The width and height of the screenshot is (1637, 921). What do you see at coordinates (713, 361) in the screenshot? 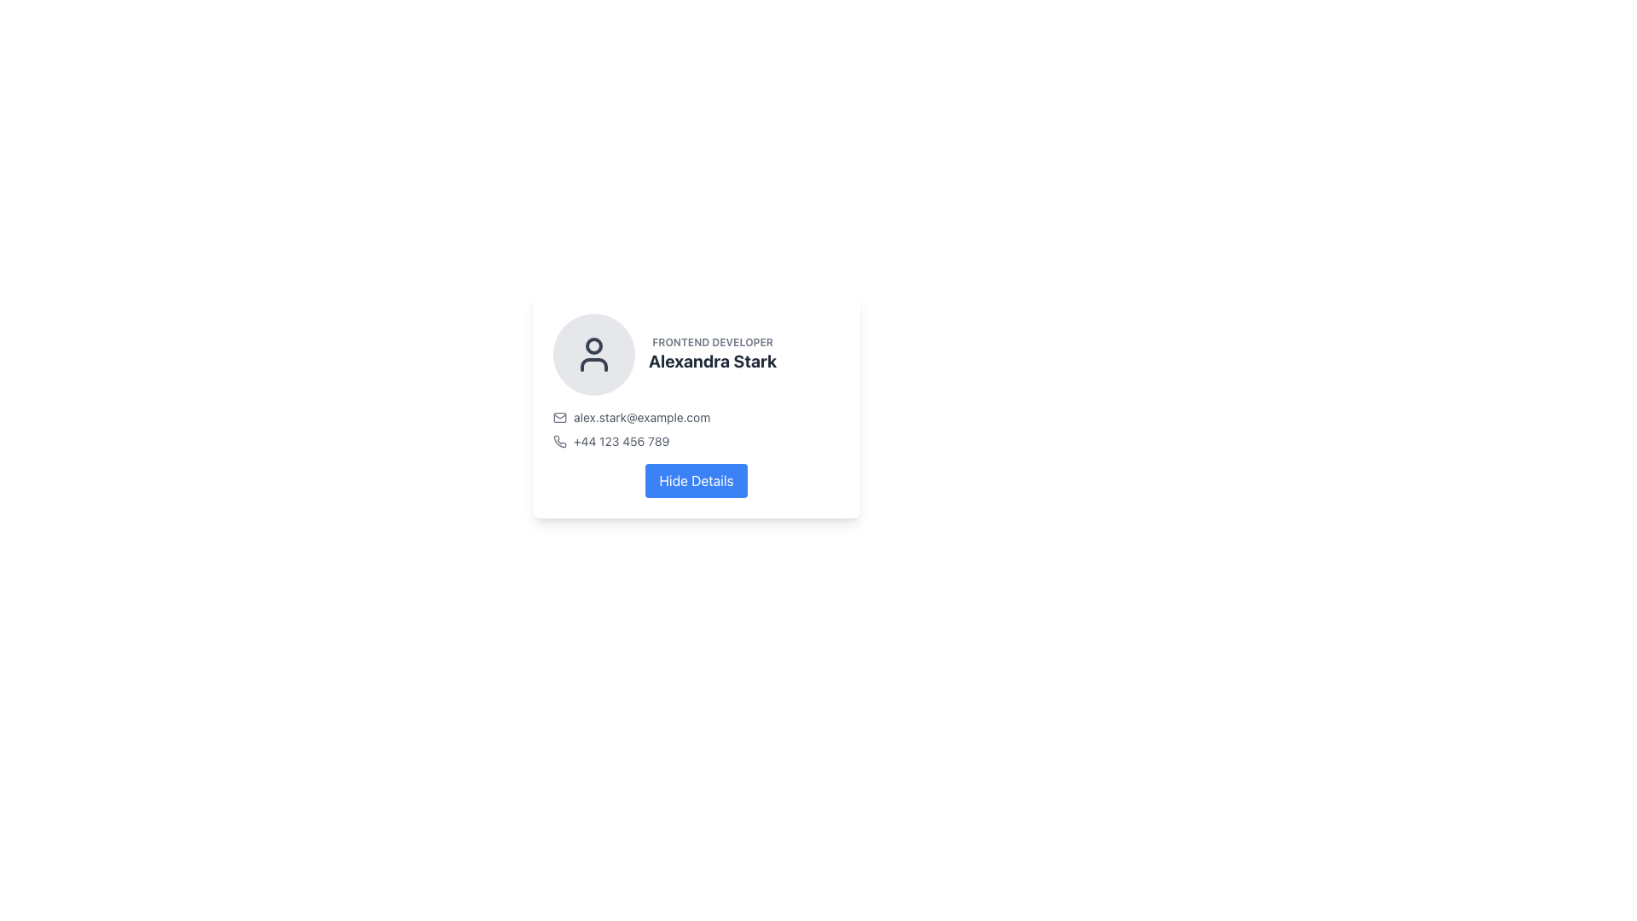
I see `the text label displaying the name 'Alexandra Stark', which is styled in bold and larger font, located below the 'Frontend Developer' label` at bounding box center [713, 361].